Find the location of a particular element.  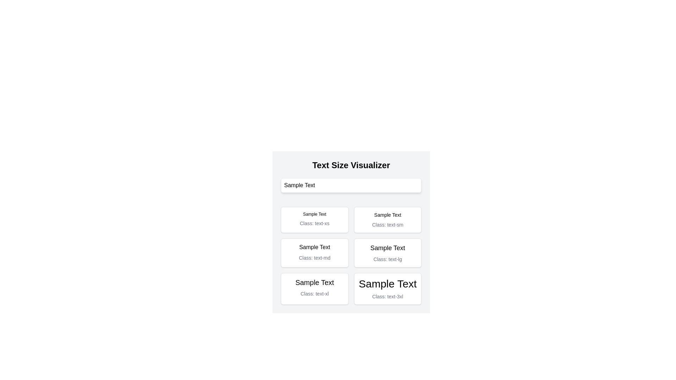

the text label indicating the text size class 'text-xl' located below 'Sample Text' in the bottom-left card of the 2x3 grid is located at coordinates (314, 293).